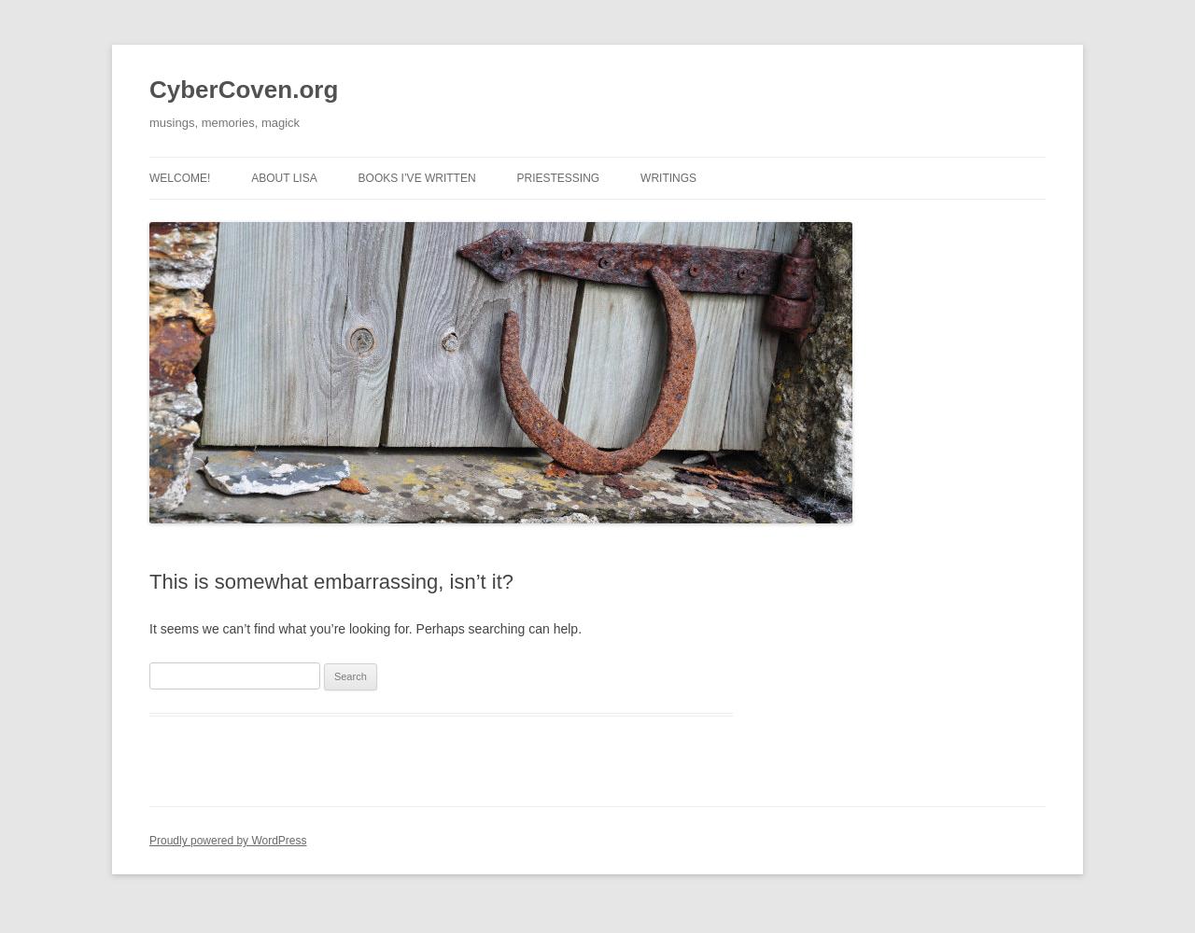 Image resolution: width=1195 pixels, height=933 pixels. I want to click on 'Proudly powered by WordPress', so click(226, 841).